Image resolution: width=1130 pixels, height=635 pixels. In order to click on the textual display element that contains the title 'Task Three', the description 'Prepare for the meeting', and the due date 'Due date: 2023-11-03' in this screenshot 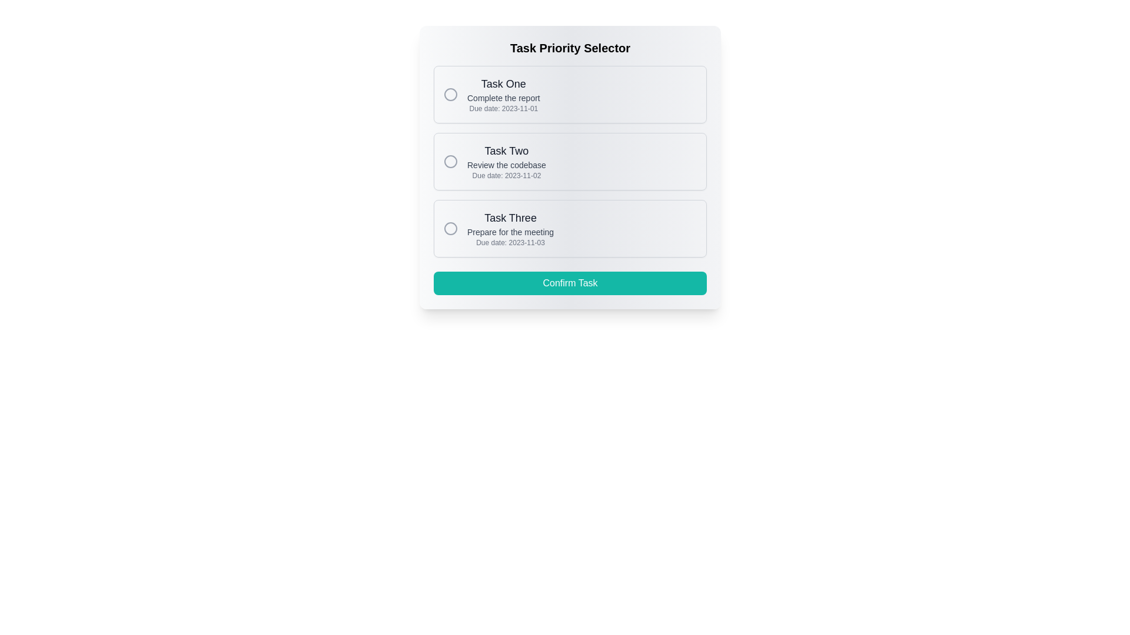, I will do `click(510, 229)`.